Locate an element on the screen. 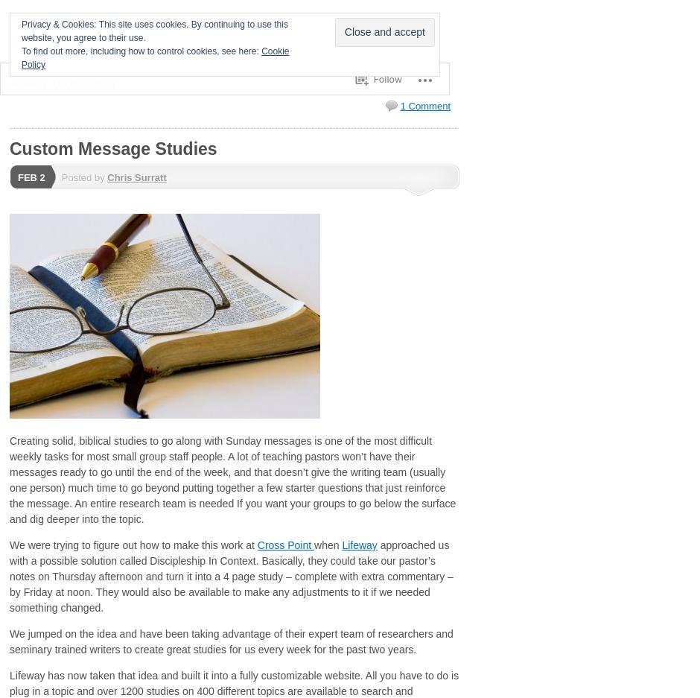 The width and height of the screenshot is (700, 698). 'Cross Point' is located at coordinates (284, 544).